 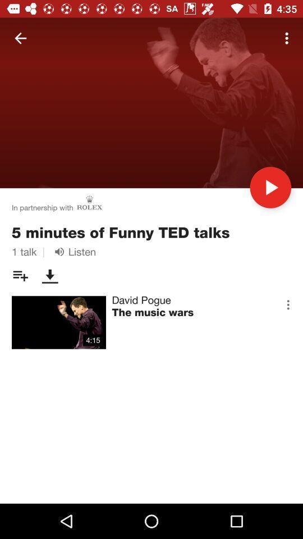 I want to click on the icon to the right of the | item, so click(x=73, y=252).